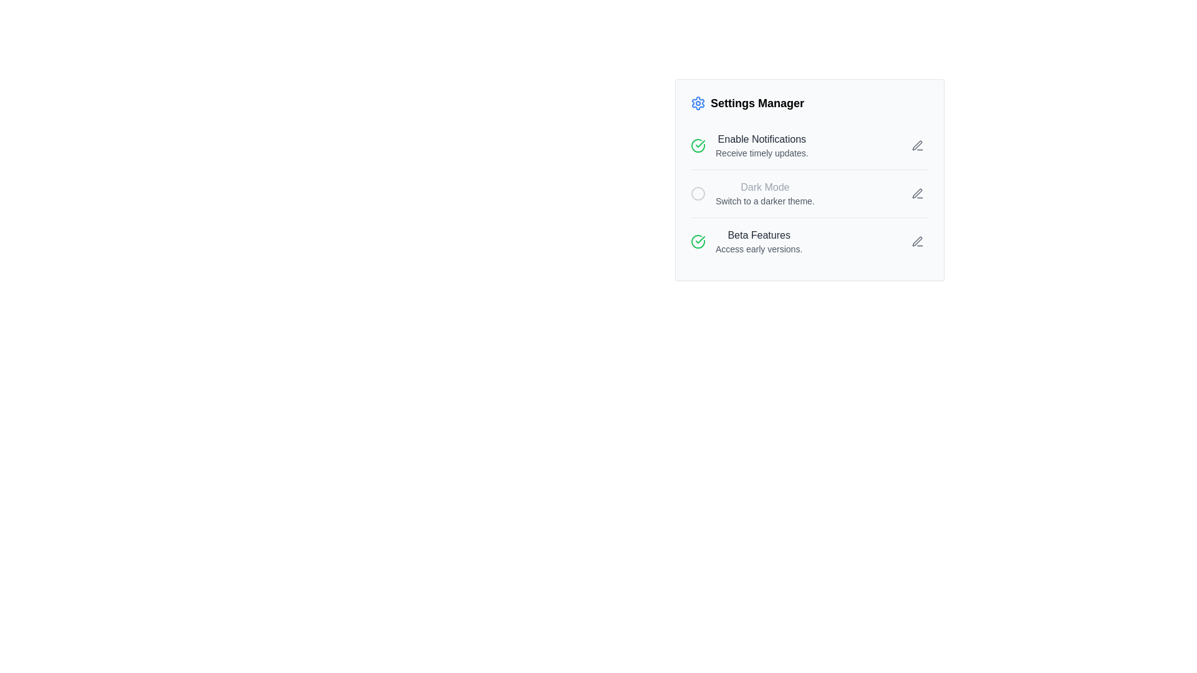  What do you see at coordinates (756, 102) in the screenshot?
I see `the 'Settings Manager' text label, which is styled with a bold font and serves as a title or heading, located adjacent to a gear icon` at bounding box center [756, 102].